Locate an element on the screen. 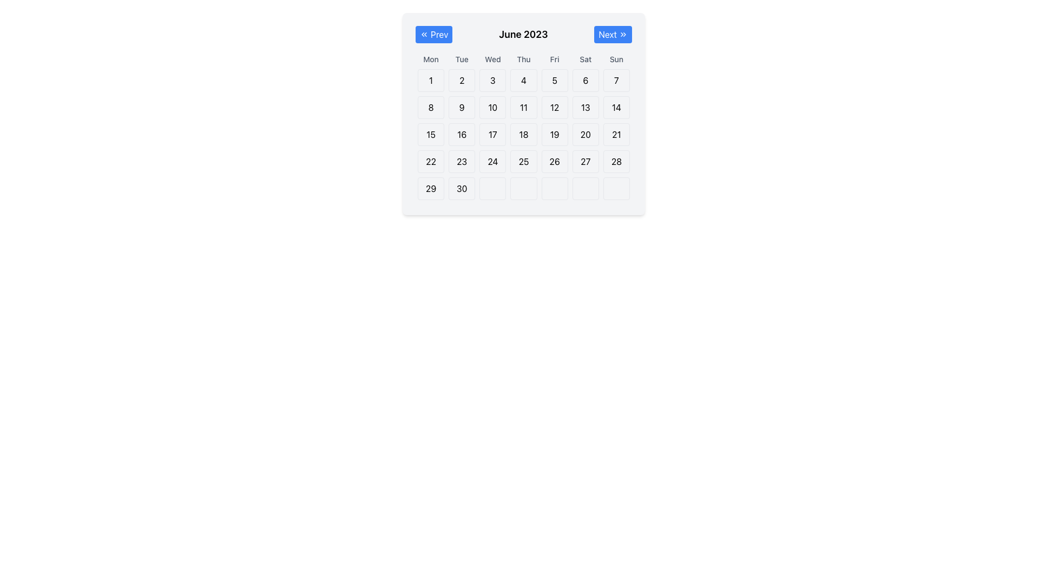 The width and height of the screenshot is (1039, 584). the square button labeled '16' in the calendar UI is located at coordinates (462, 134).